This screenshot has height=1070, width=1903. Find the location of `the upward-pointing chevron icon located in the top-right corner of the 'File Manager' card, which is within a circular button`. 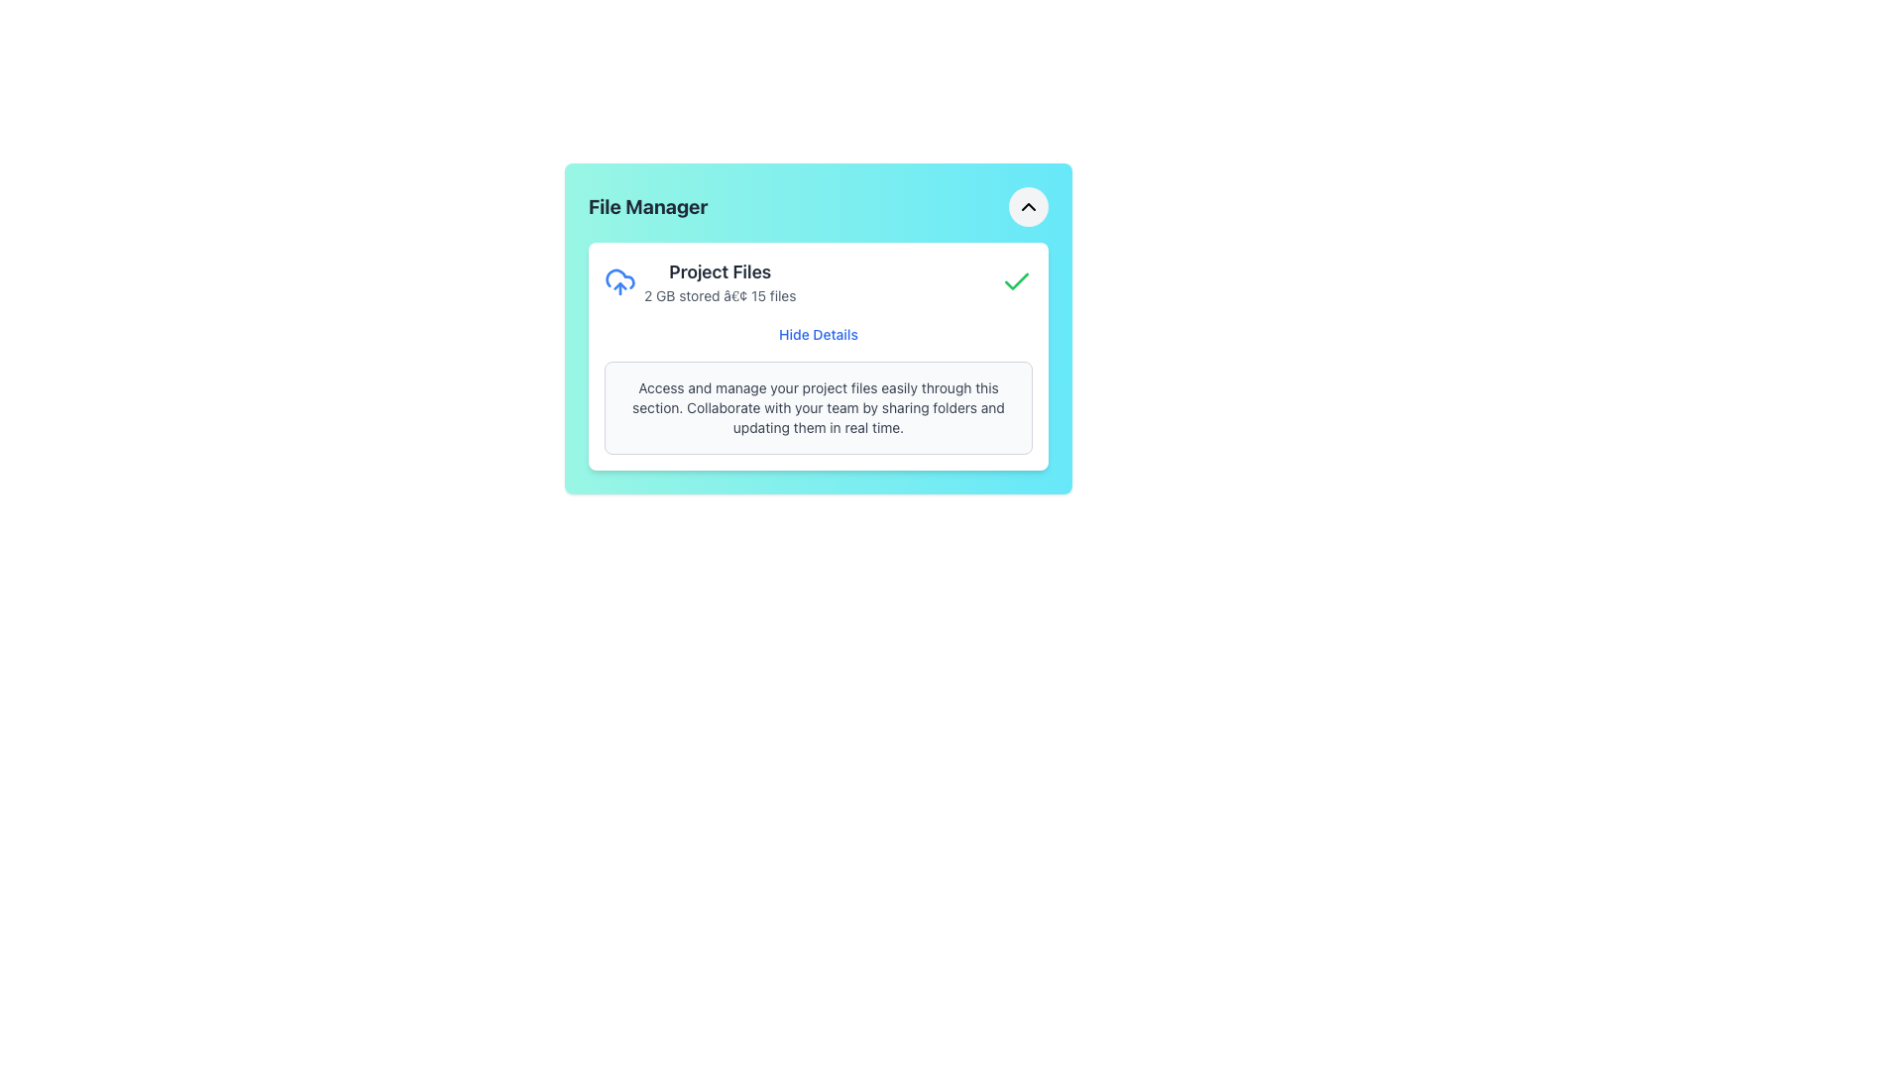

the upward-pointing chevron icon located in the top-right corner of the 'File Manager' card, which is within a circular button is located at coordinates (1028, 206).